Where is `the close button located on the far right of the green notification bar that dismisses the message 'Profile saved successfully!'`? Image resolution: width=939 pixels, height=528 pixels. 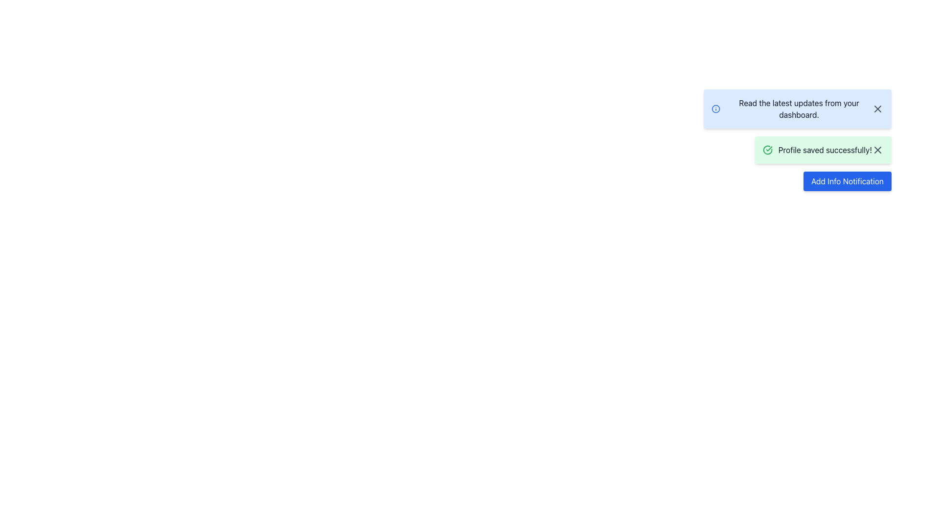
the close button located on the far right of the green notification bar that dismisses the message 'Profile saved successfully!' is located at coordinates (878, 150).